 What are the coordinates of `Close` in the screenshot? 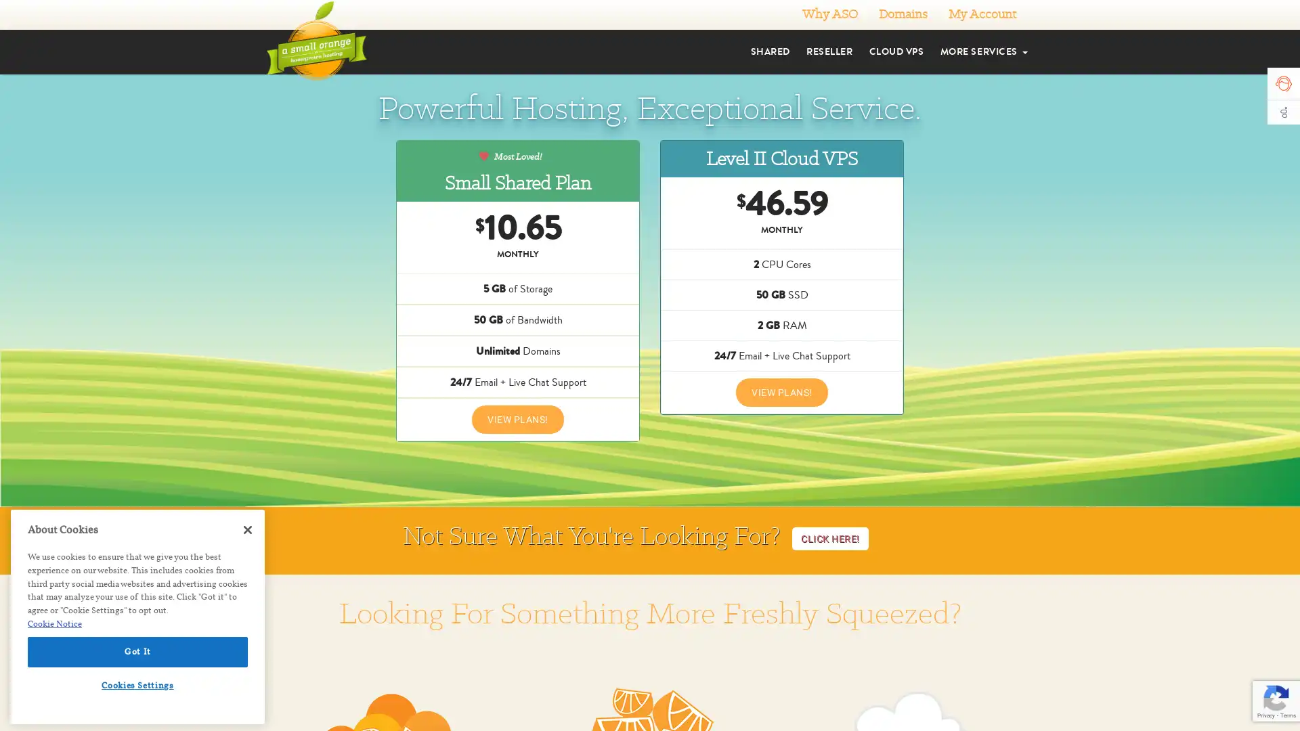 It's located at (247, 529).